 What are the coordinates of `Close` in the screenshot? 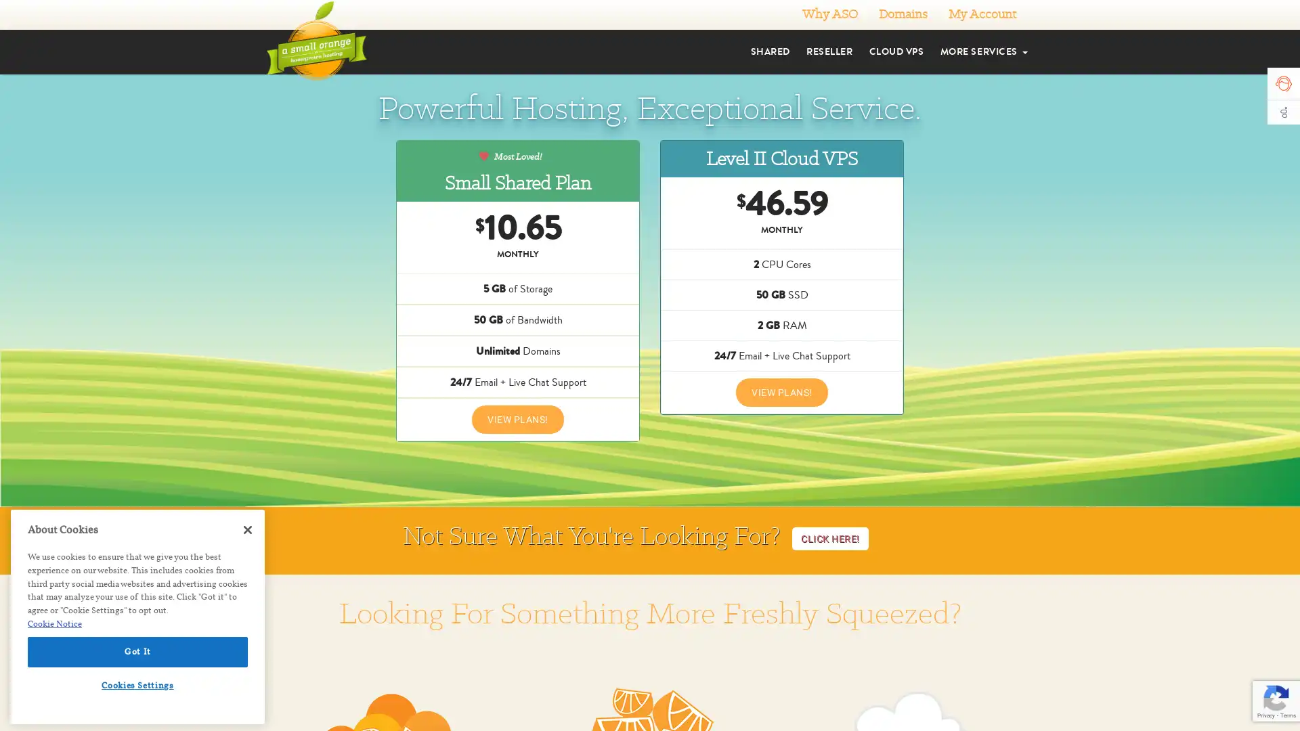 It's located at (247, 529).